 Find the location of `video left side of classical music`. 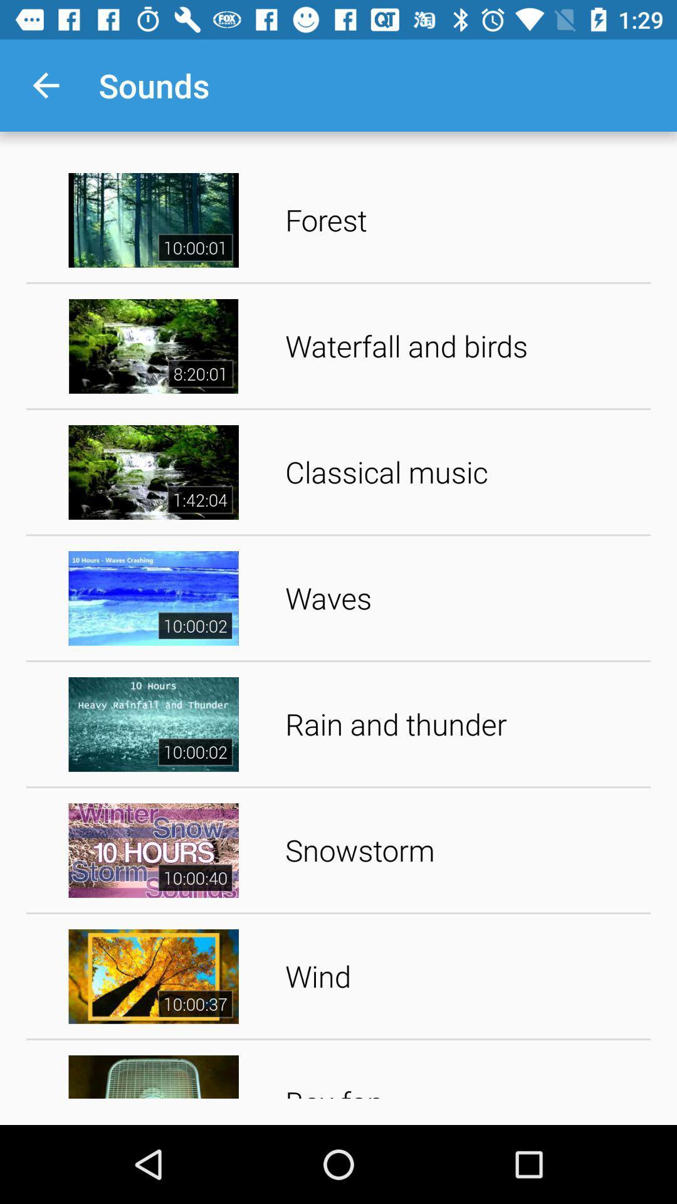

video left side of classical music is located at coordinates (153, 472).